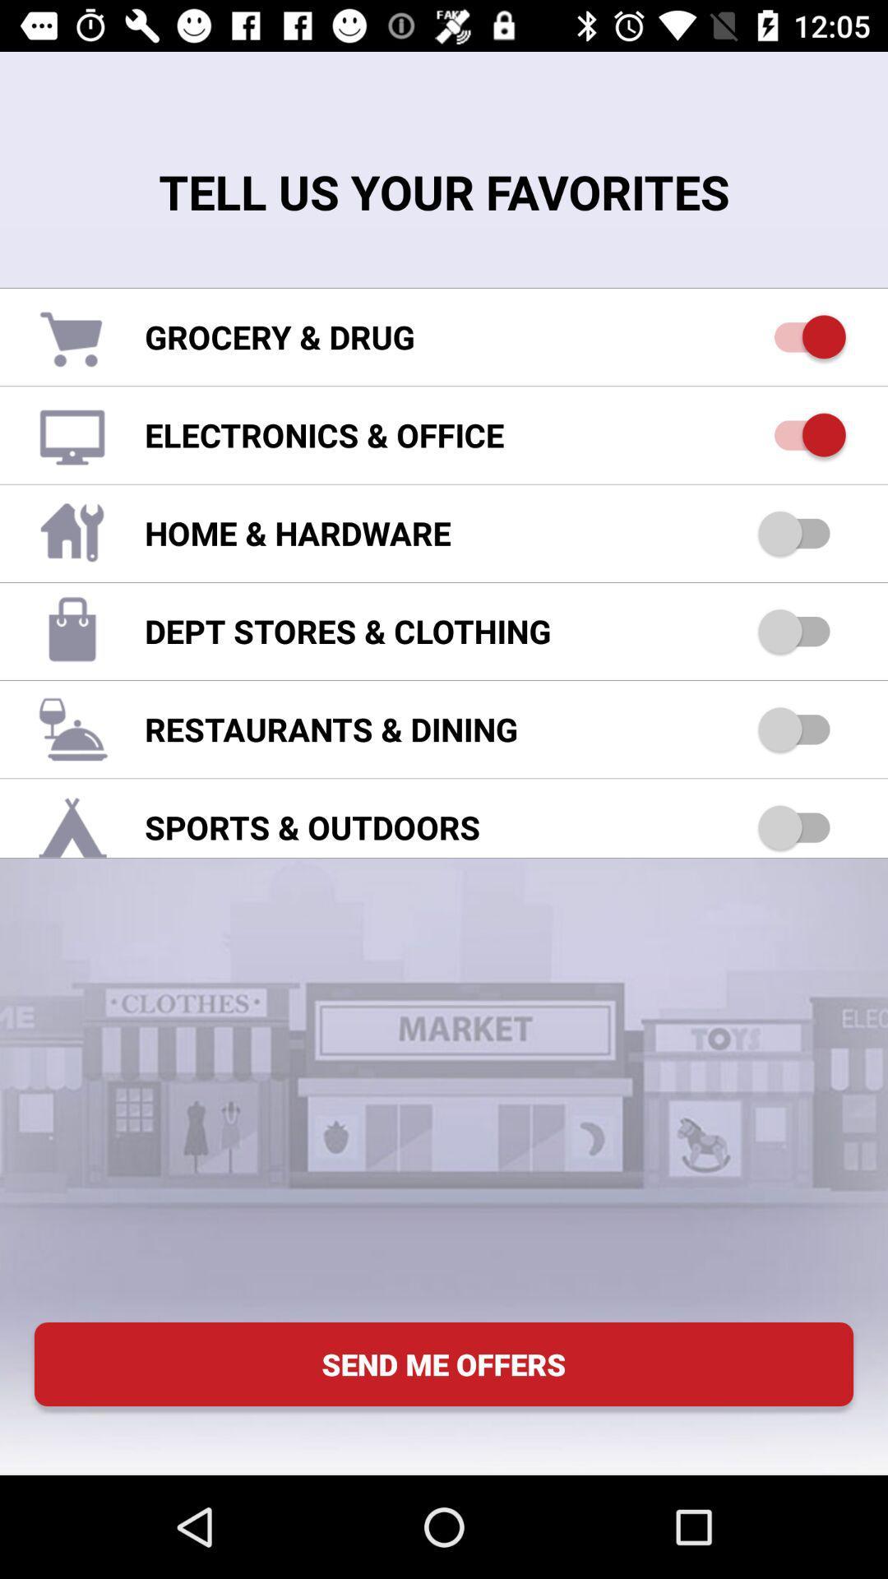 Image resolution: width=888 pixels, height=1579 pixels. What do you see at coordinates (801, 728) in the screenshot?
I see `restaurant dining option` at bounding box center [801, 728].